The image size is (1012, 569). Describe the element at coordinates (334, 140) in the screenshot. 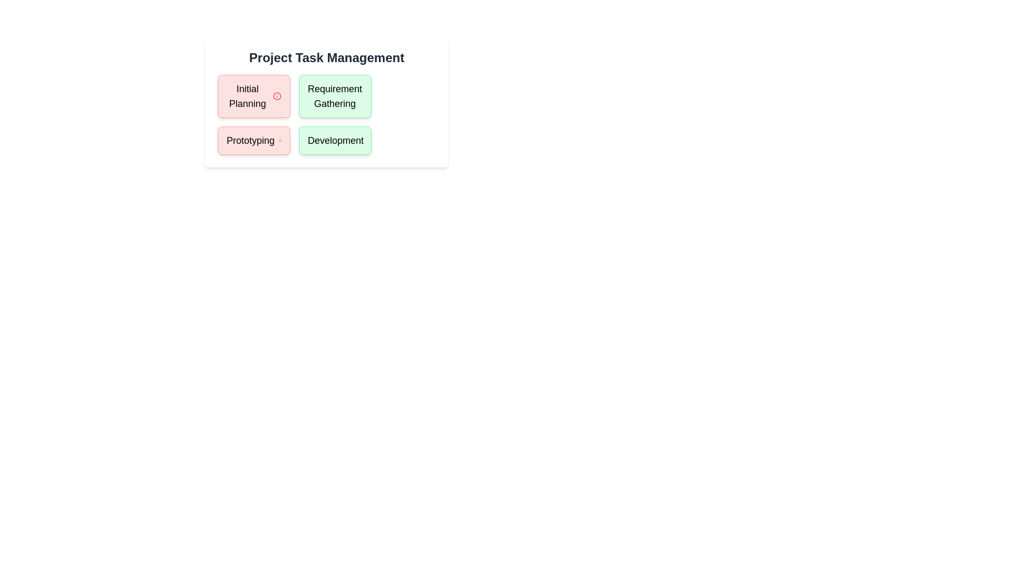

I see `the task Development to read its details` at that location.